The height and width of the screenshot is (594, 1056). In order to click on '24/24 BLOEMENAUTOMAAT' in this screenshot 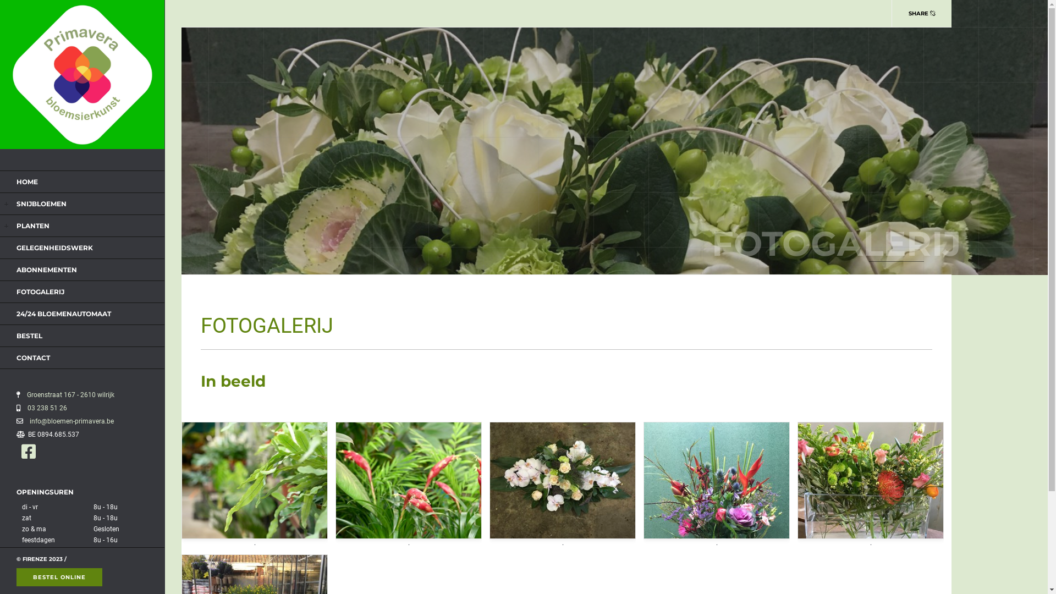, I will do `click(63, 313)`.